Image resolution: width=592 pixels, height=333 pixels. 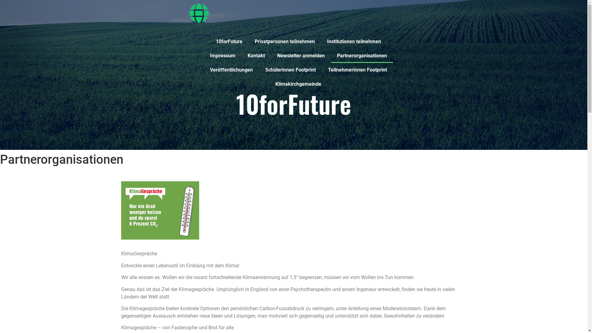 I want to click on 'Klimakirchgemeinde', so click(x=298, y=84).